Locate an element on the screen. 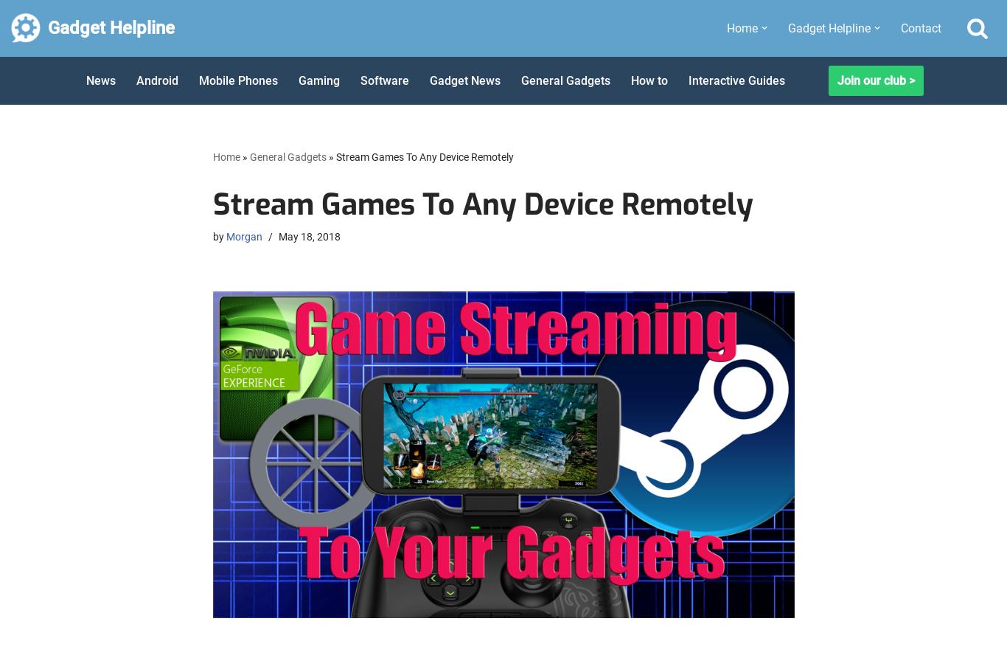 The image size is (1007, 672). 'by' is located at coordinates (218, 236).